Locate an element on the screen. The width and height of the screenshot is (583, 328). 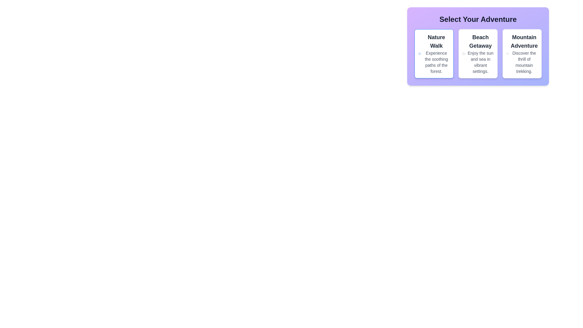
information provided in the descriptive label for the 'Nature Walk' option located in the first card under the title 'Select Your Adventure.' is located at coordinates (436, 53).